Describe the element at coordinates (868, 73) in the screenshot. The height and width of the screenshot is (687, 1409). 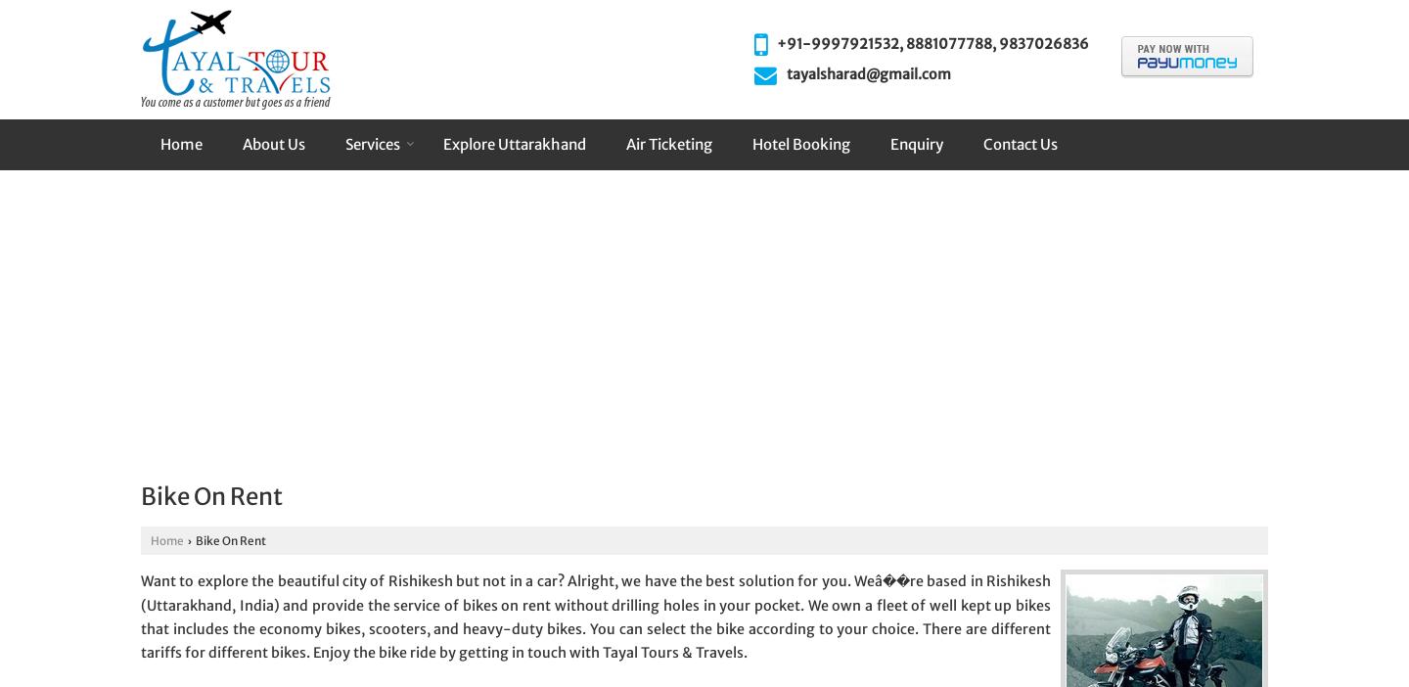
I see `'tayalsharad@gmail.com'` at that location.